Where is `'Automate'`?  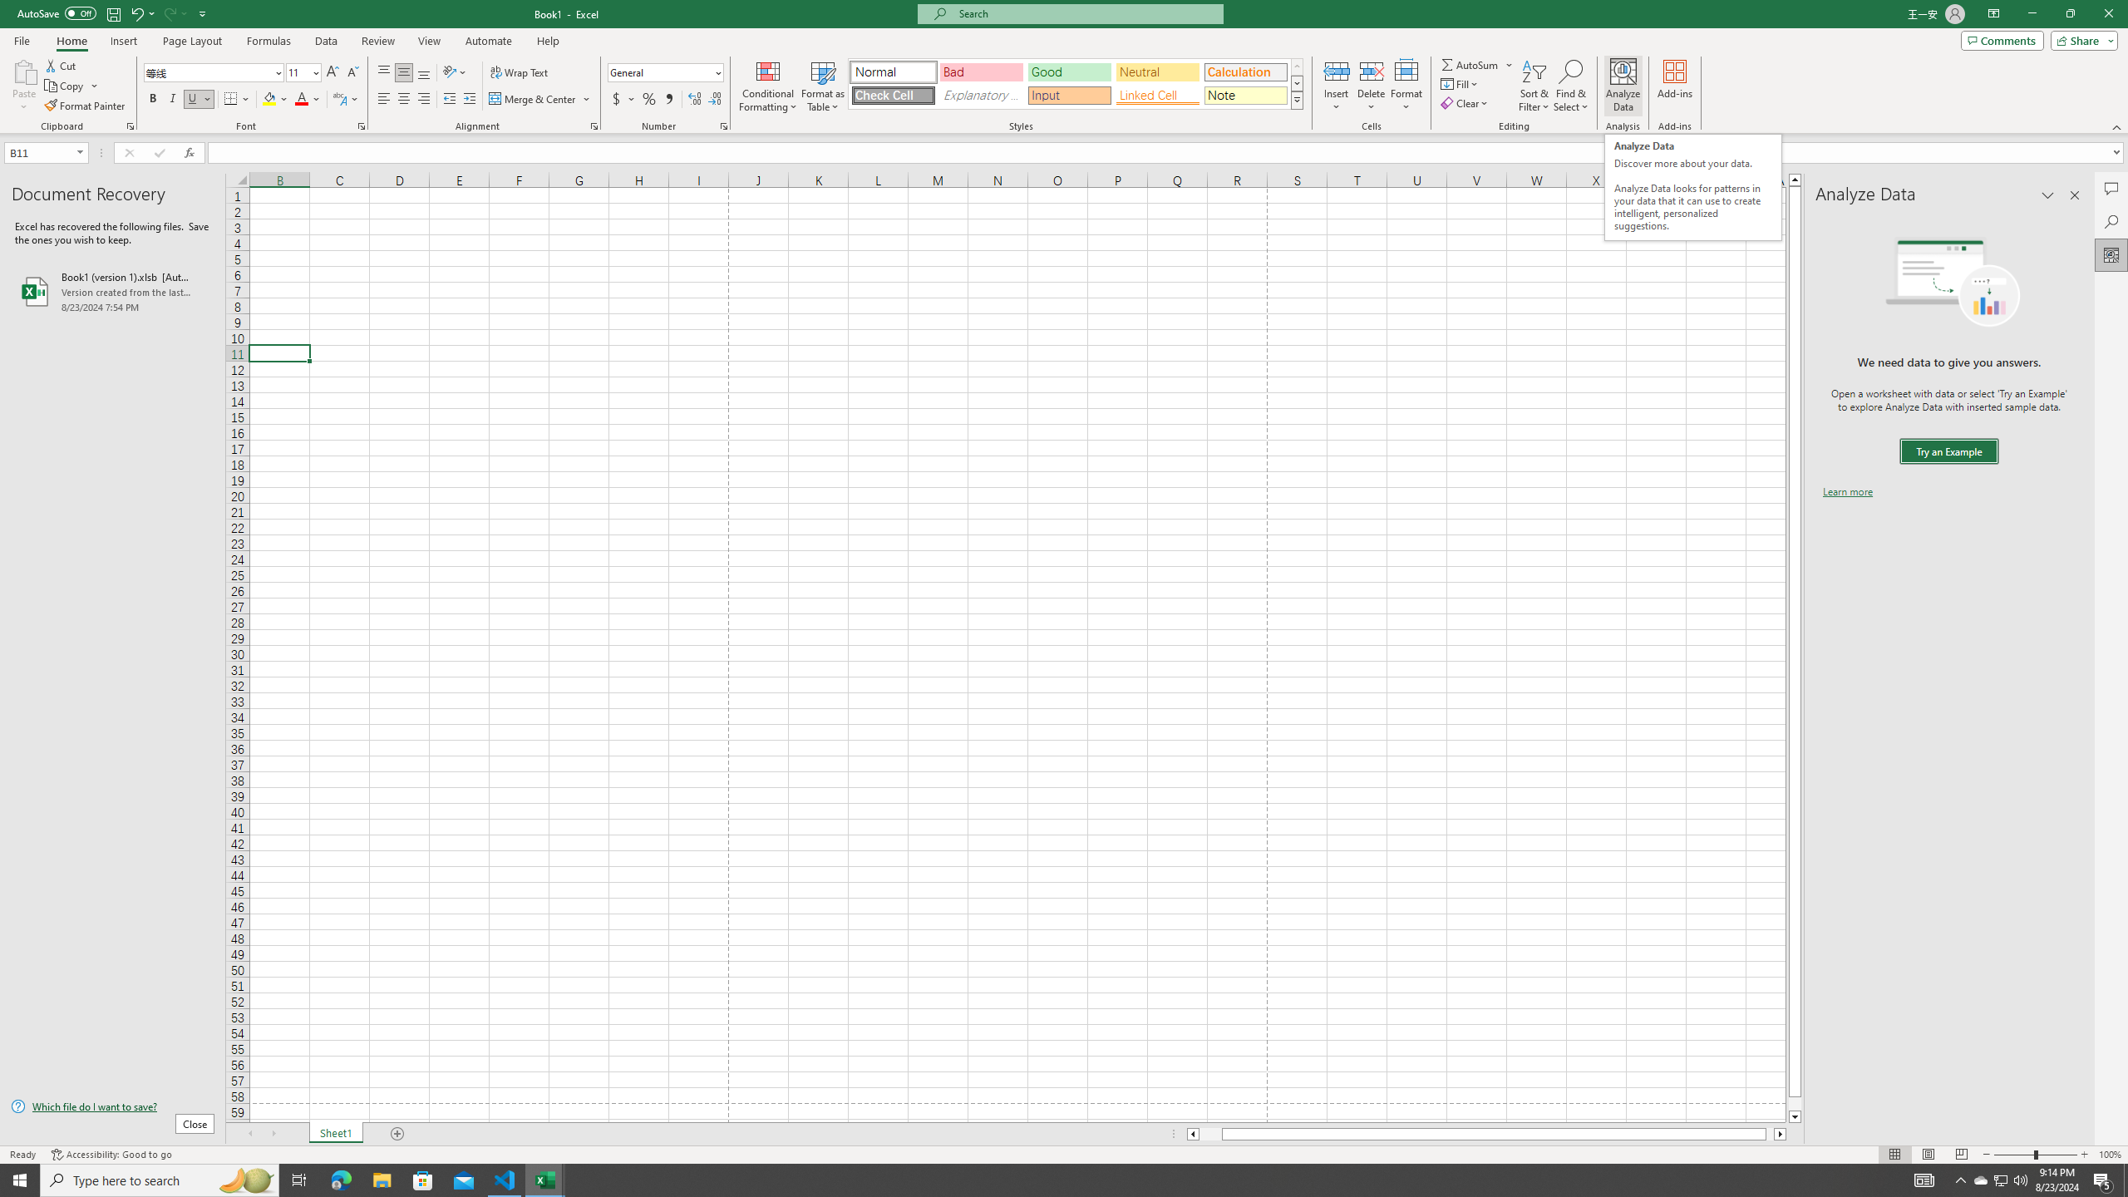 'Automate' is located at coordinates (488, 41).